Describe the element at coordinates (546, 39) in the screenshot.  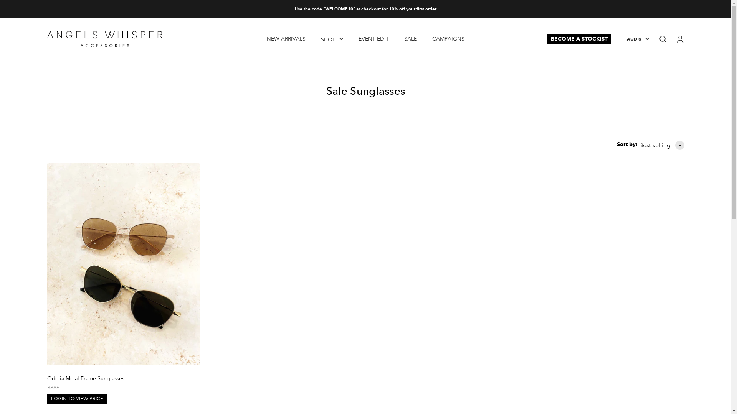
I see `'BECOME A STOCKIST'` at that location.